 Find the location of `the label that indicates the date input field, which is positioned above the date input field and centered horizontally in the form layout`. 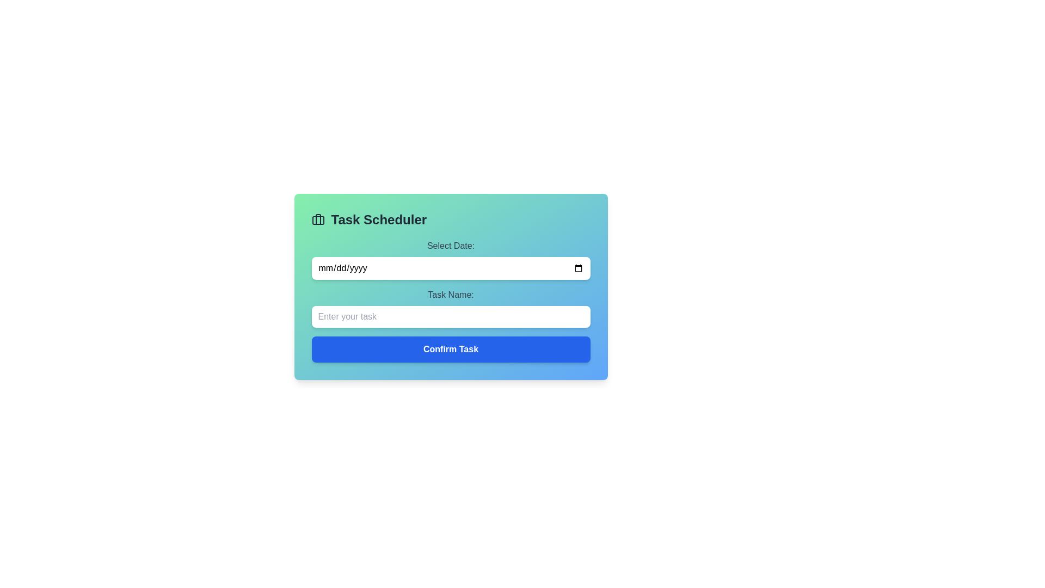

the label that indicates the date input field, which is positioned above the date input field and centered horizontally in the form layout is located at coordinates (451, 246).